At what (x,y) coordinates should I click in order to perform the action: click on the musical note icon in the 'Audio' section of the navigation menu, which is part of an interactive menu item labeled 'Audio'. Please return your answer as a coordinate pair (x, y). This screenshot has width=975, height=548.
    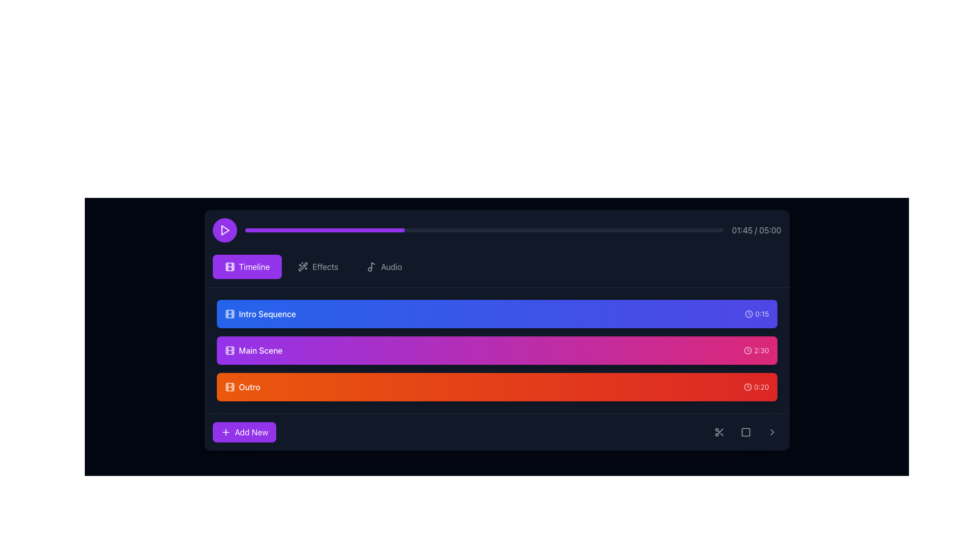
    Looking at the image, I should click on (371, 266).